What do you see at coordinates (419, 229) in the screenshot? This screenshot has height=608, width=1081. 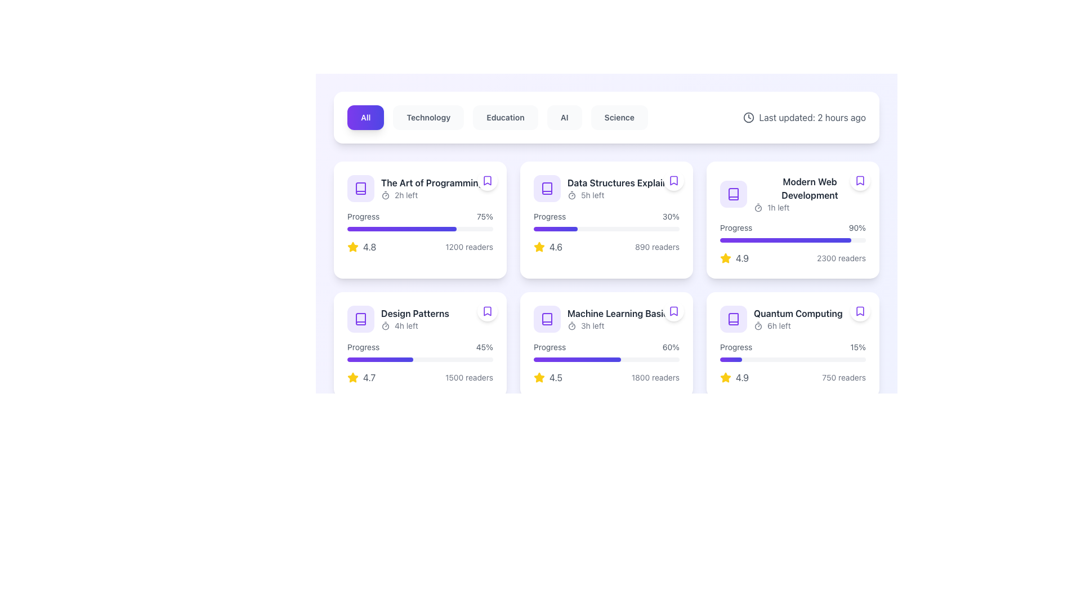 I see `the progress bar styled with rounded ends, located in the 'The Art of Programming' card, beneath the 'Progress' label and next to the '75%' label` at bounding box center [419, 229].